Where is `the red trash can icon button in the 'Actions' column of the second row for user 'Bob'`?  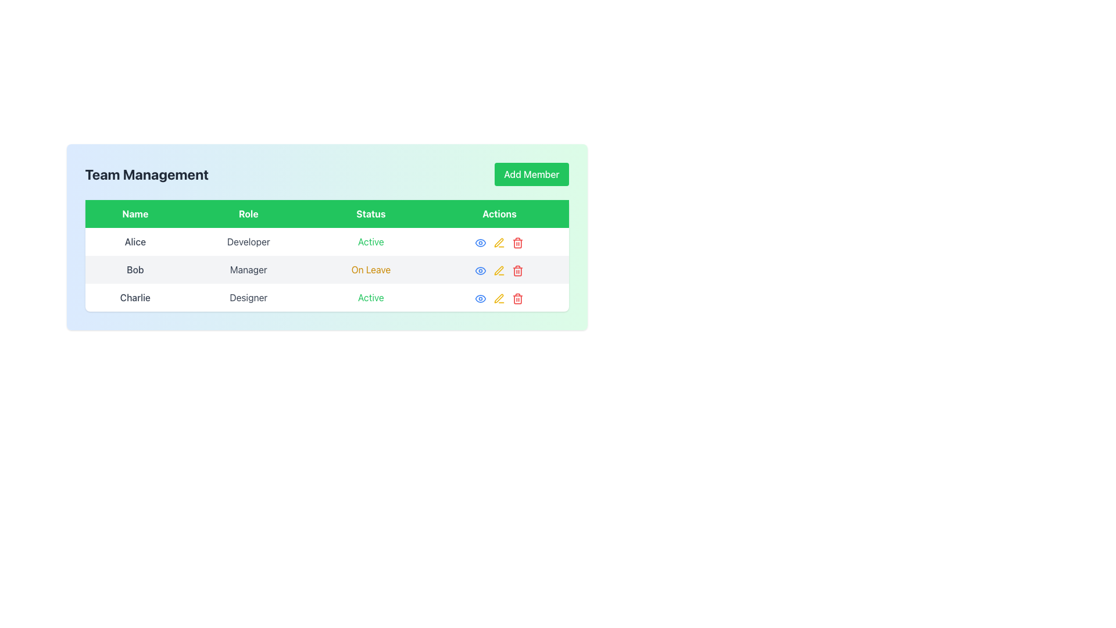 the red trash can icon button in the 'Actions' column of the second row for user 'Bob' is located at coordinates (517, 242).